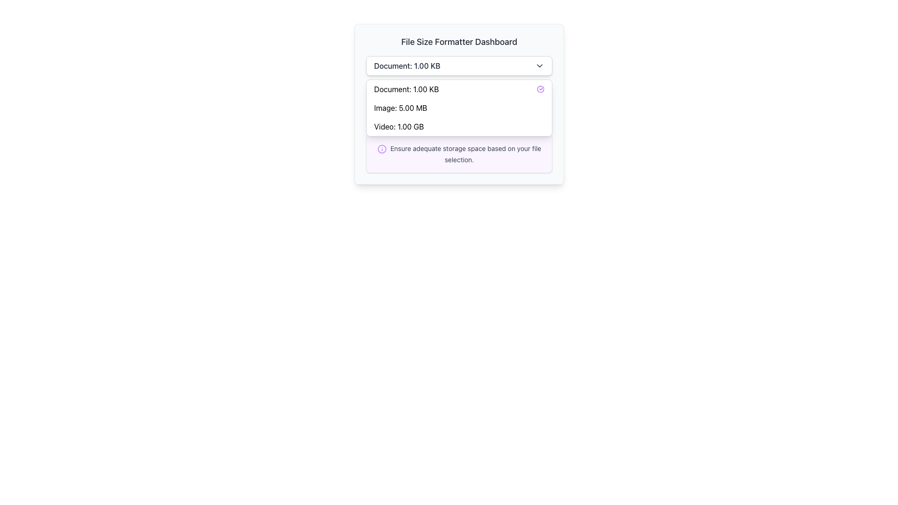 Image resolution: width=898 pixels, height=505 pixels. What do you see at coordinates (459, 126) in the screenshot?
I see `the list item displaying 'Video: 1.00 GB' in the dropdown menu under 'File Size Formatter Dashboard'` at bounding box center [459, 126].